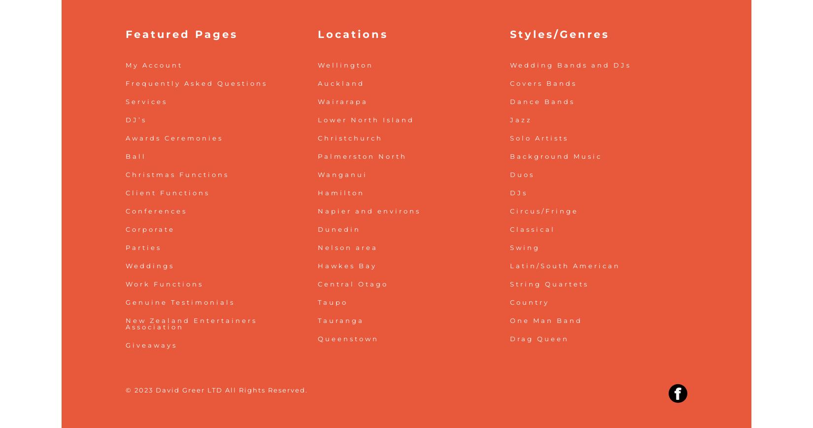 The image size is (813, 428). I want to click on 'Tauranga', so click(340, 320).